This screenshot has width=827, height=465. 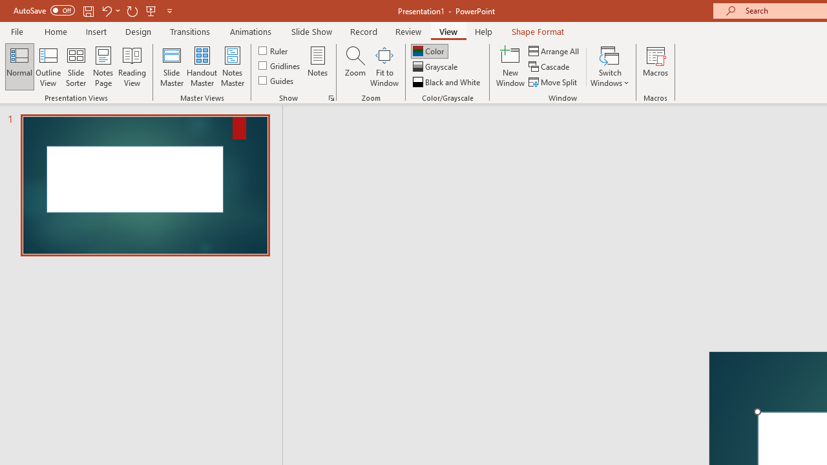 I want to click on 'Fit to Window', so click(x=384, y=67).